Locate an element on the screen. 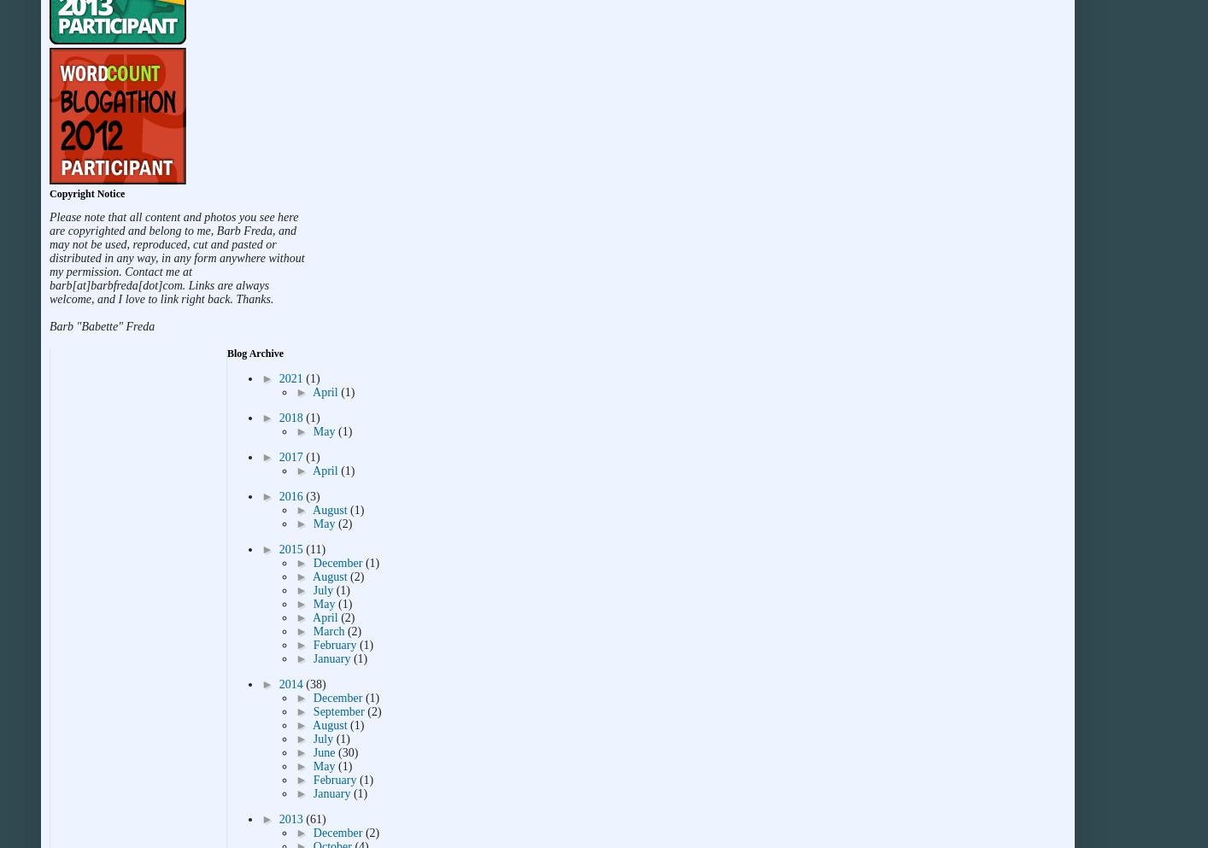  '2017' is located at coordinates (291, 456).